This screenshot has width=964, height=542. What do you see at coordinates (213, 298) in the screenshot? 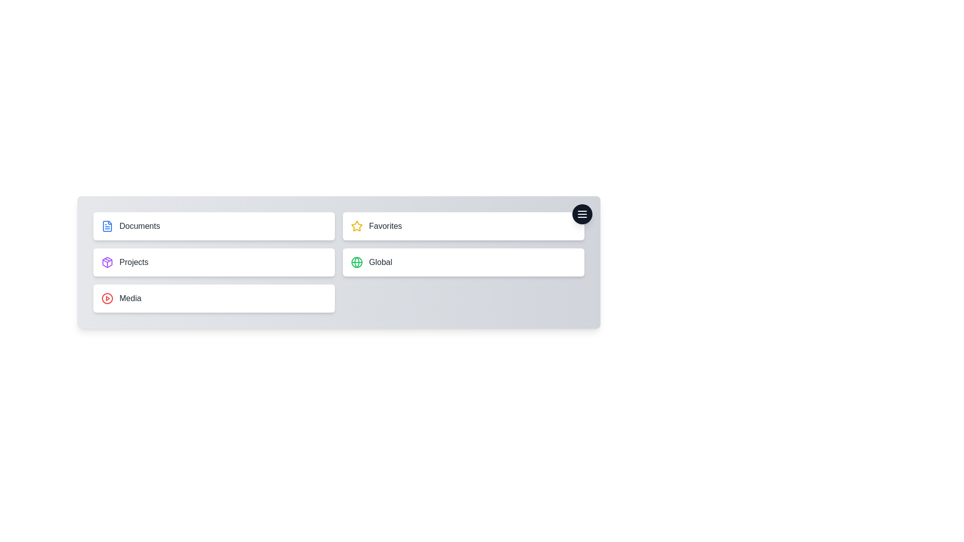
I see `the menu item labeled Media` at bounding box center [213, 298].